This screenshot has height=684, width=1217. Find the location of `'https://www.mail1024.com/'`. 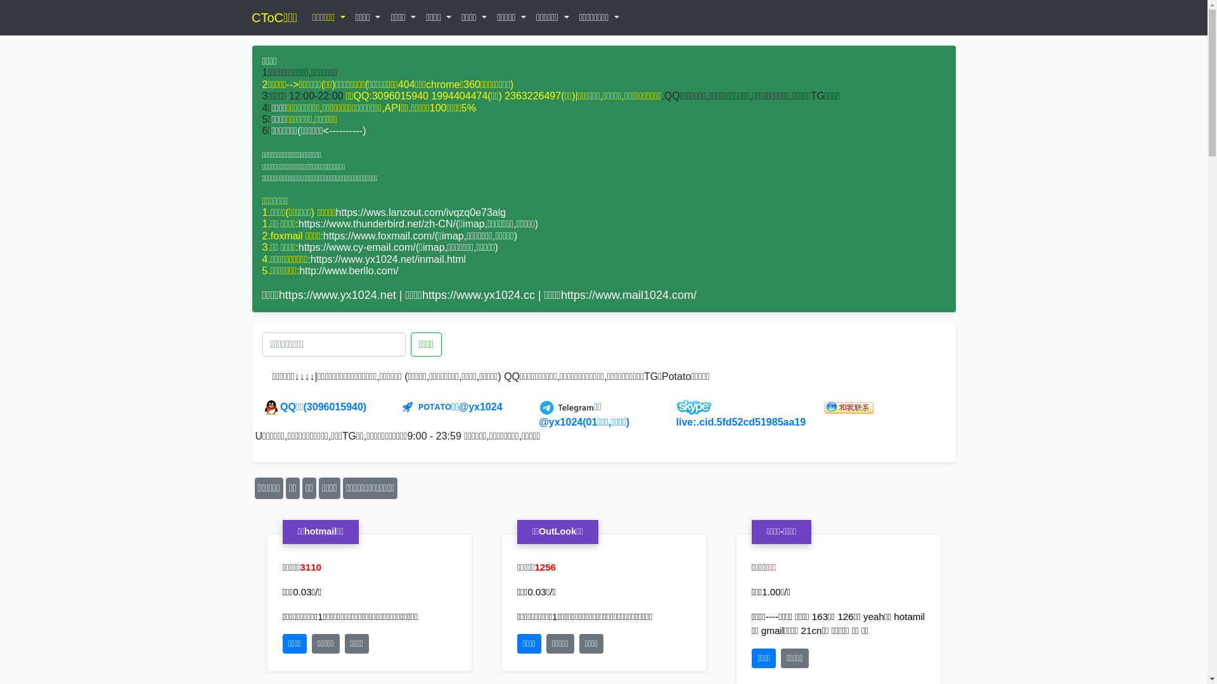

'https://www.mail1024.com/' is located at coordinates (629, 295).